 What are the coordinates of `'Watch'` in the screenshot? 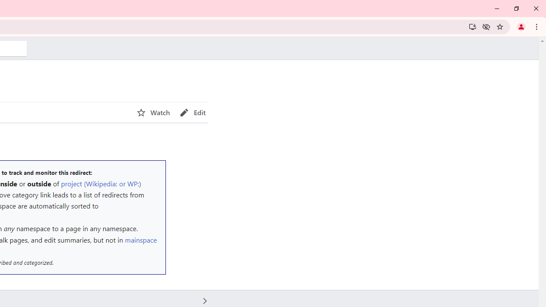 It's located at (153, 112).